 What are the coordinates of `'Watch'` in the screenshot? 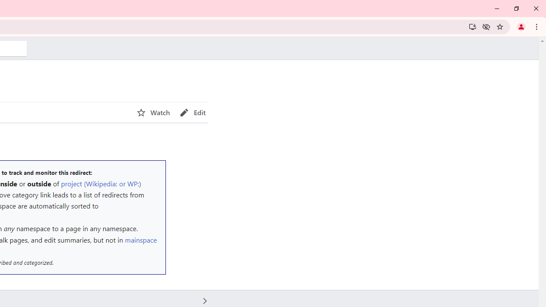 It's located at (153, 112).